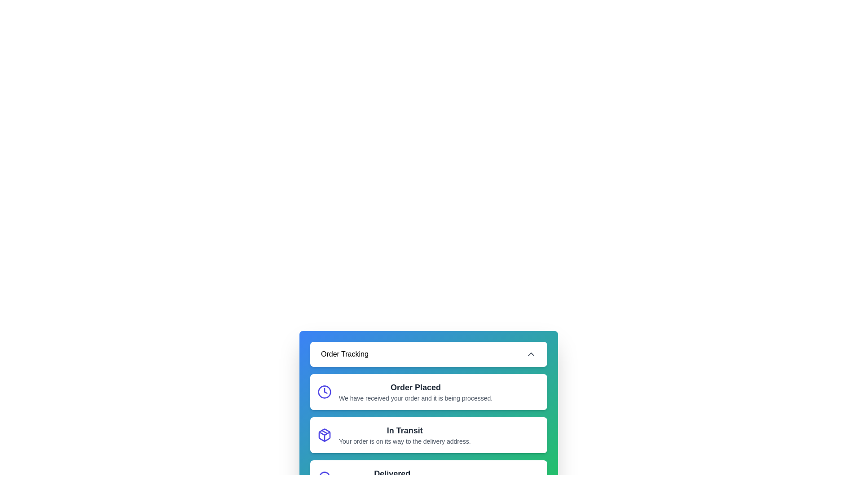 The width and height of the screenshot is (862, 485). I want to click on the toggle button to expand or collapse the order tracking panel, so click(428, 354).